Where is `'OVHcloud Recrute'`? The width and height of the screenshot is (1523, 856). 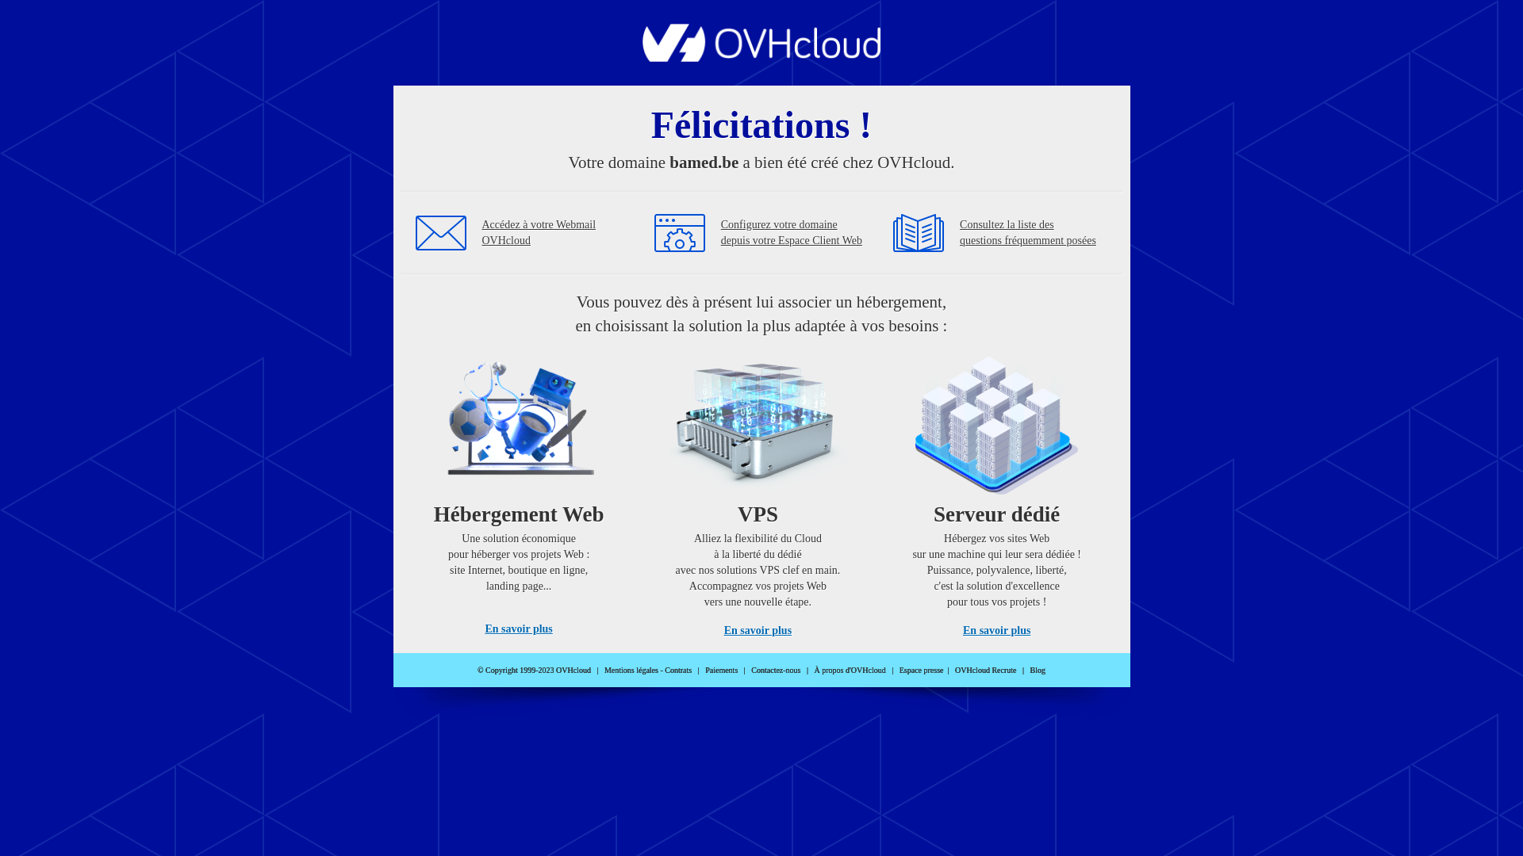 'OVHcloud Recrute' is located at coordinates (954, 670).